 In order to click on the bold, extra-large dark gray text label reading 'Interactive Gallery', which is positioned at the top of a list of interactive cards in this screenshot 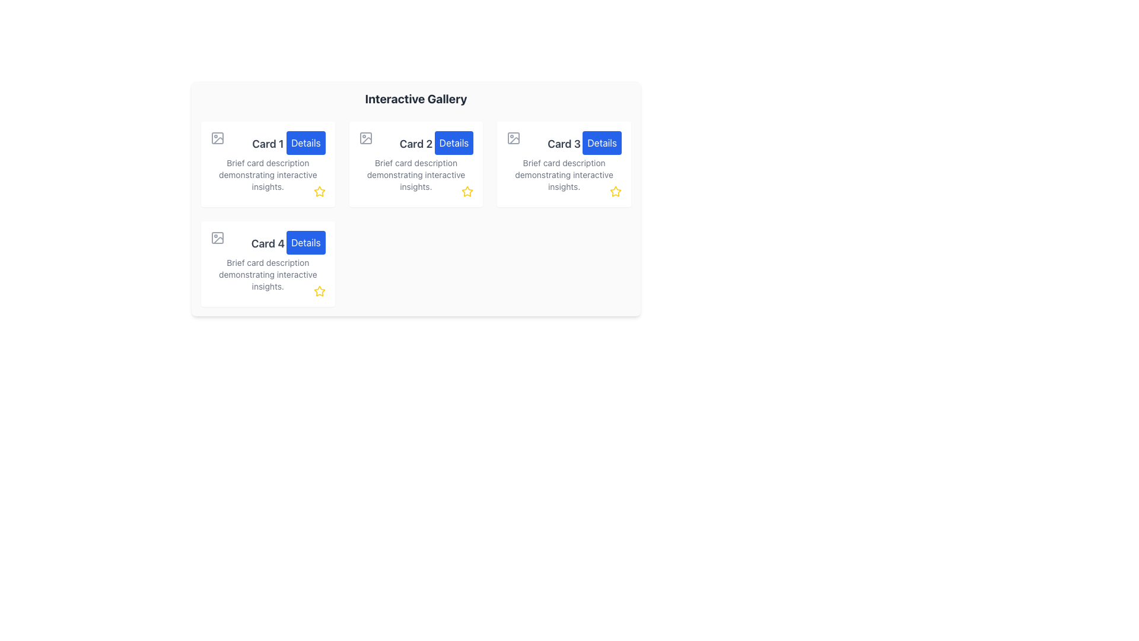, I will do `click(416, 98)`.